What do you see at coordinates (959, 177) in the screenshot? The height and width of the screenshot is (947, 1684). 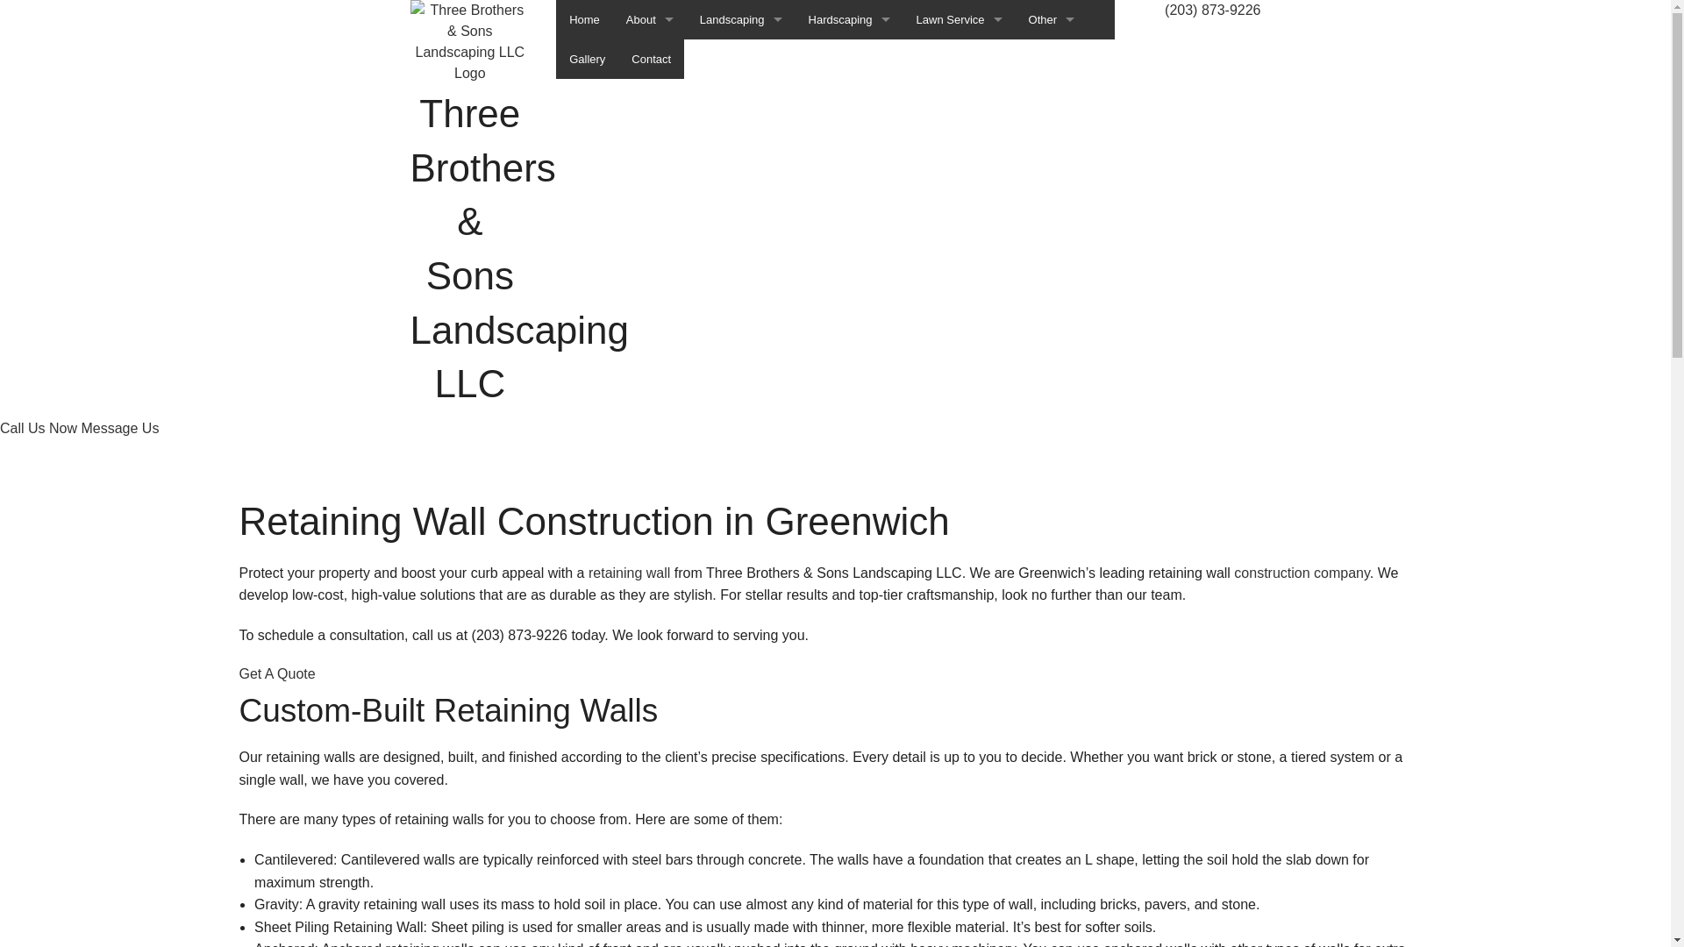 I see `'Lawn Mowing Services'` at bounding box center [959, 177].